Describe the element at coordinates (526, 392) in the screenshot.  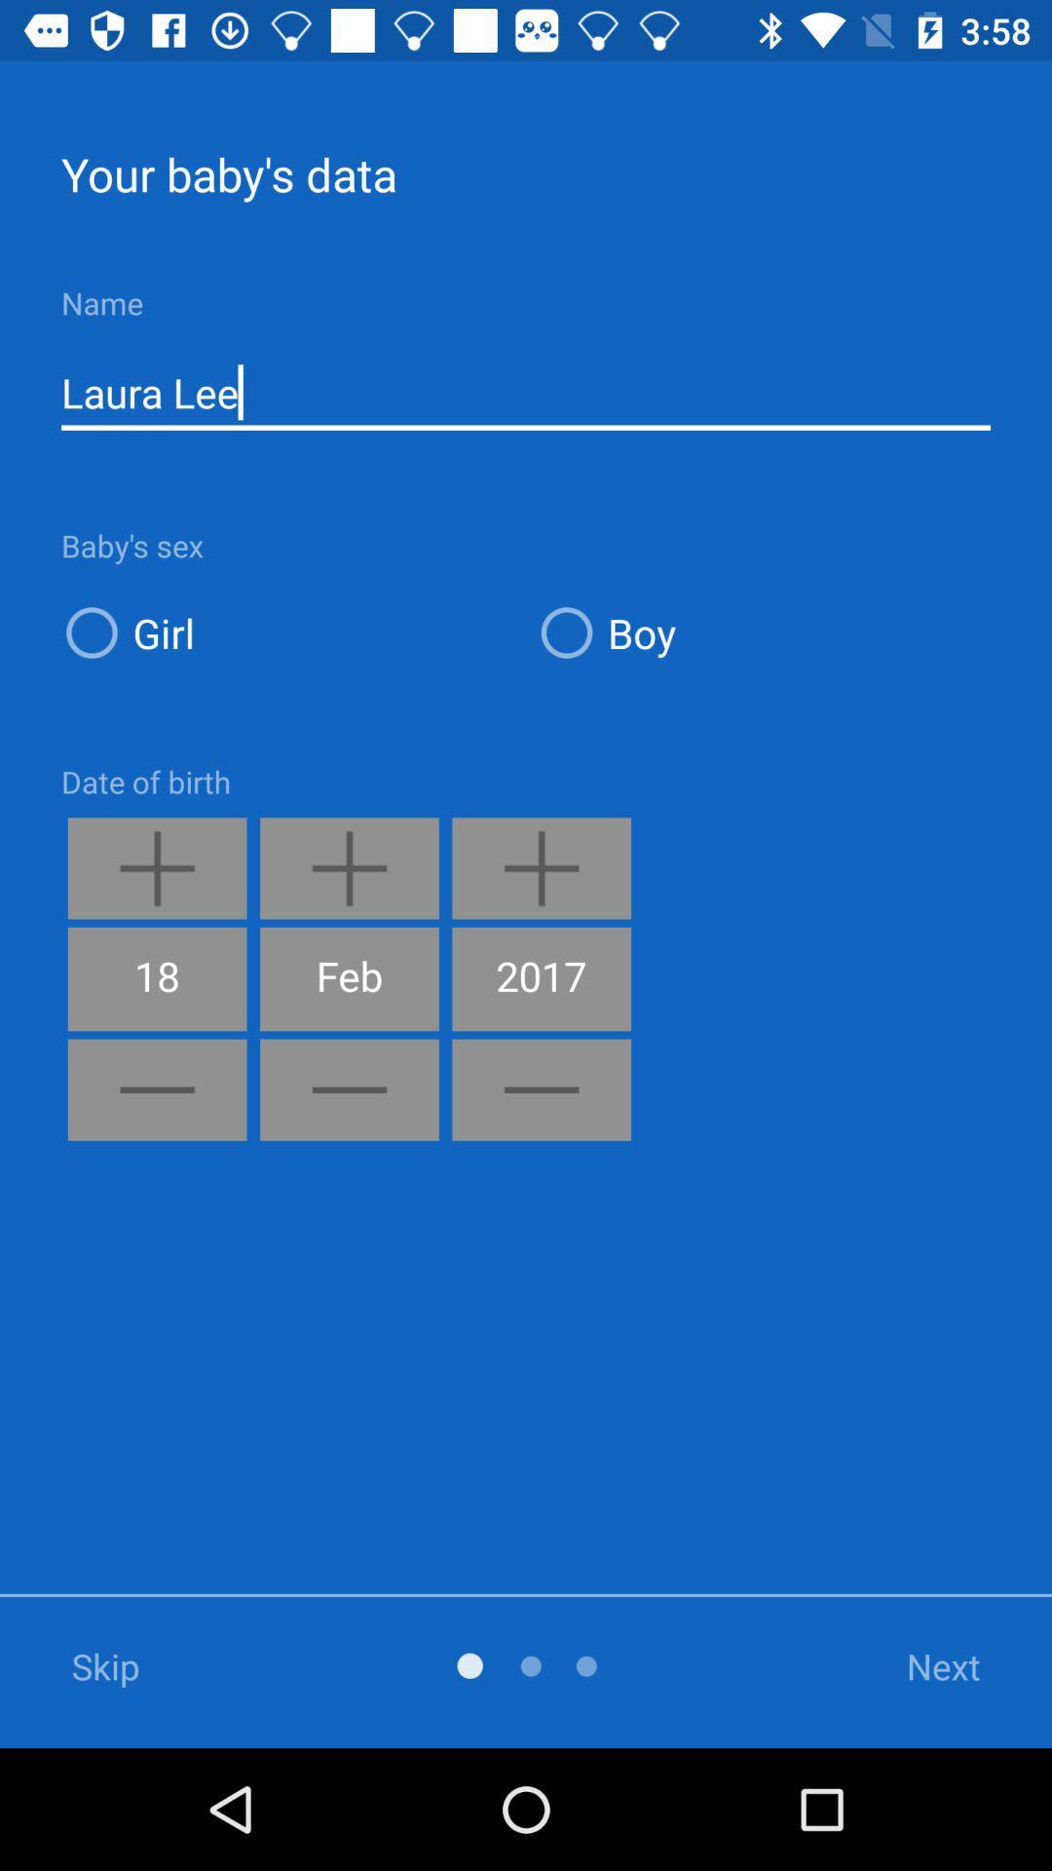
I see `the laura lee item` at that location.